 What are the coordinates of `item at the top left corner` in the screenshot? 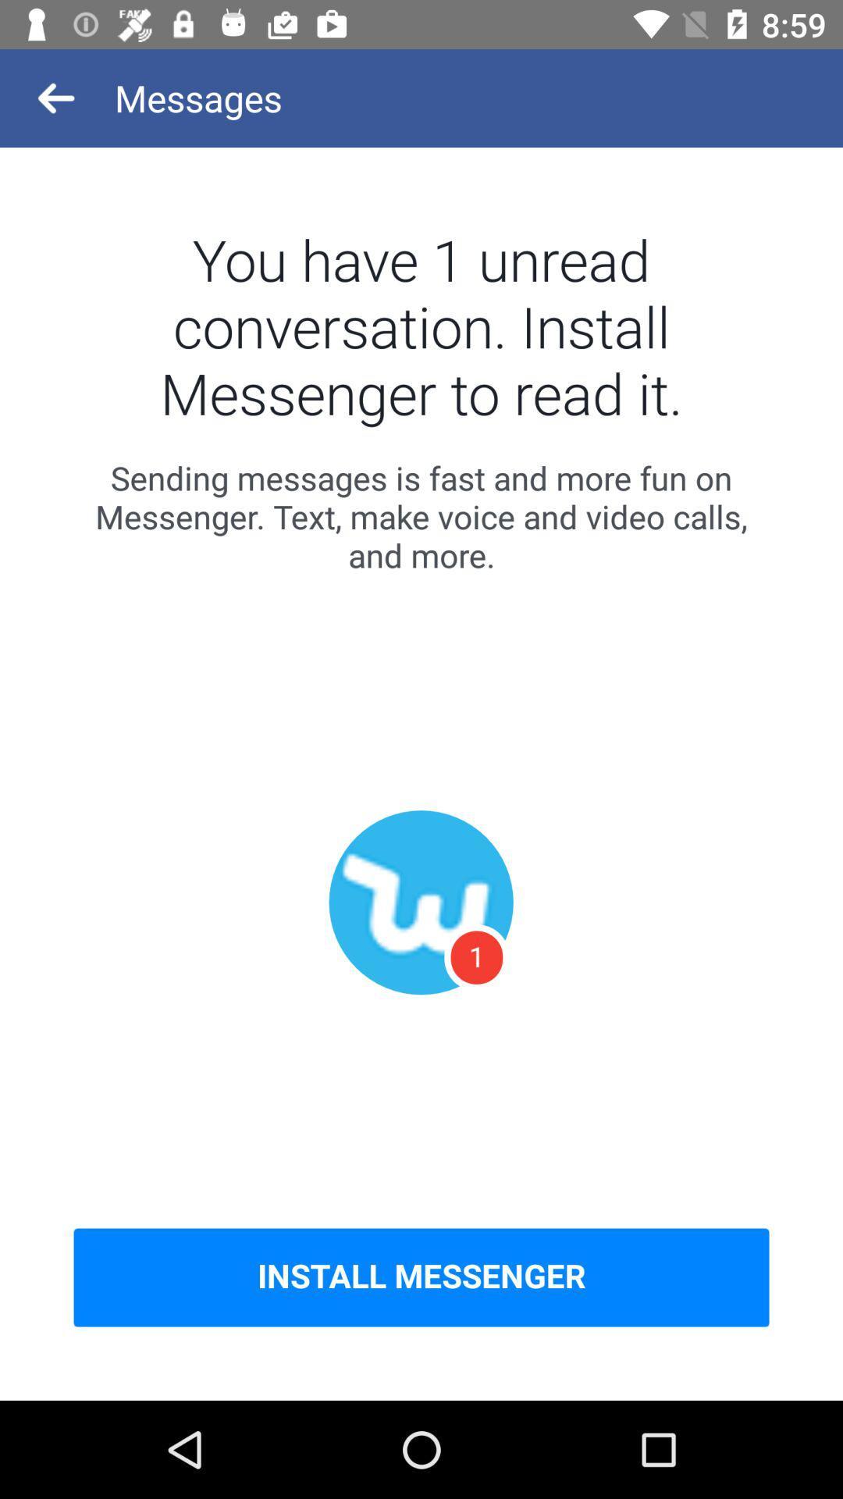 It's located at (56, 97).